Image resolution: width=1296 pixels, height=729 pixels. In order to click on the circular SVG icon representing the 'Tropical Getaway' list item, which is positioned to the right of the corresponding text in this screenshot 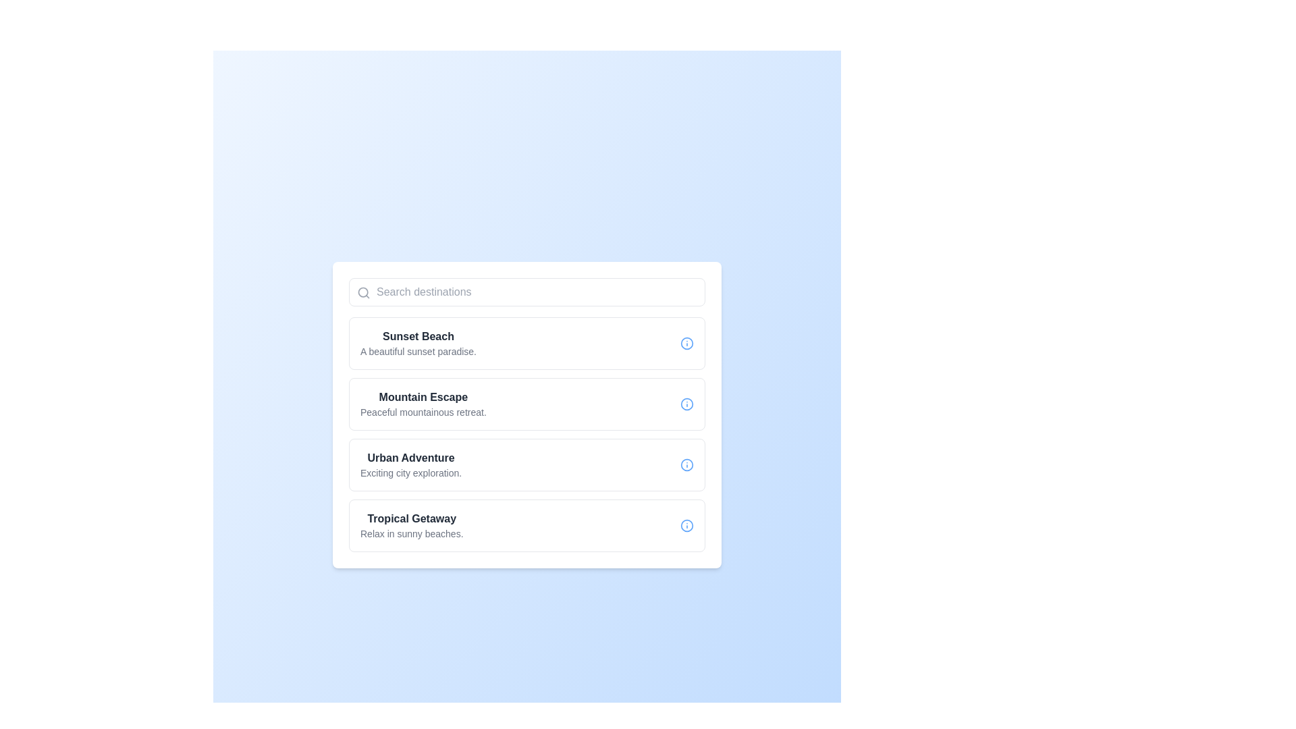, I will do `click(686, 525)`.